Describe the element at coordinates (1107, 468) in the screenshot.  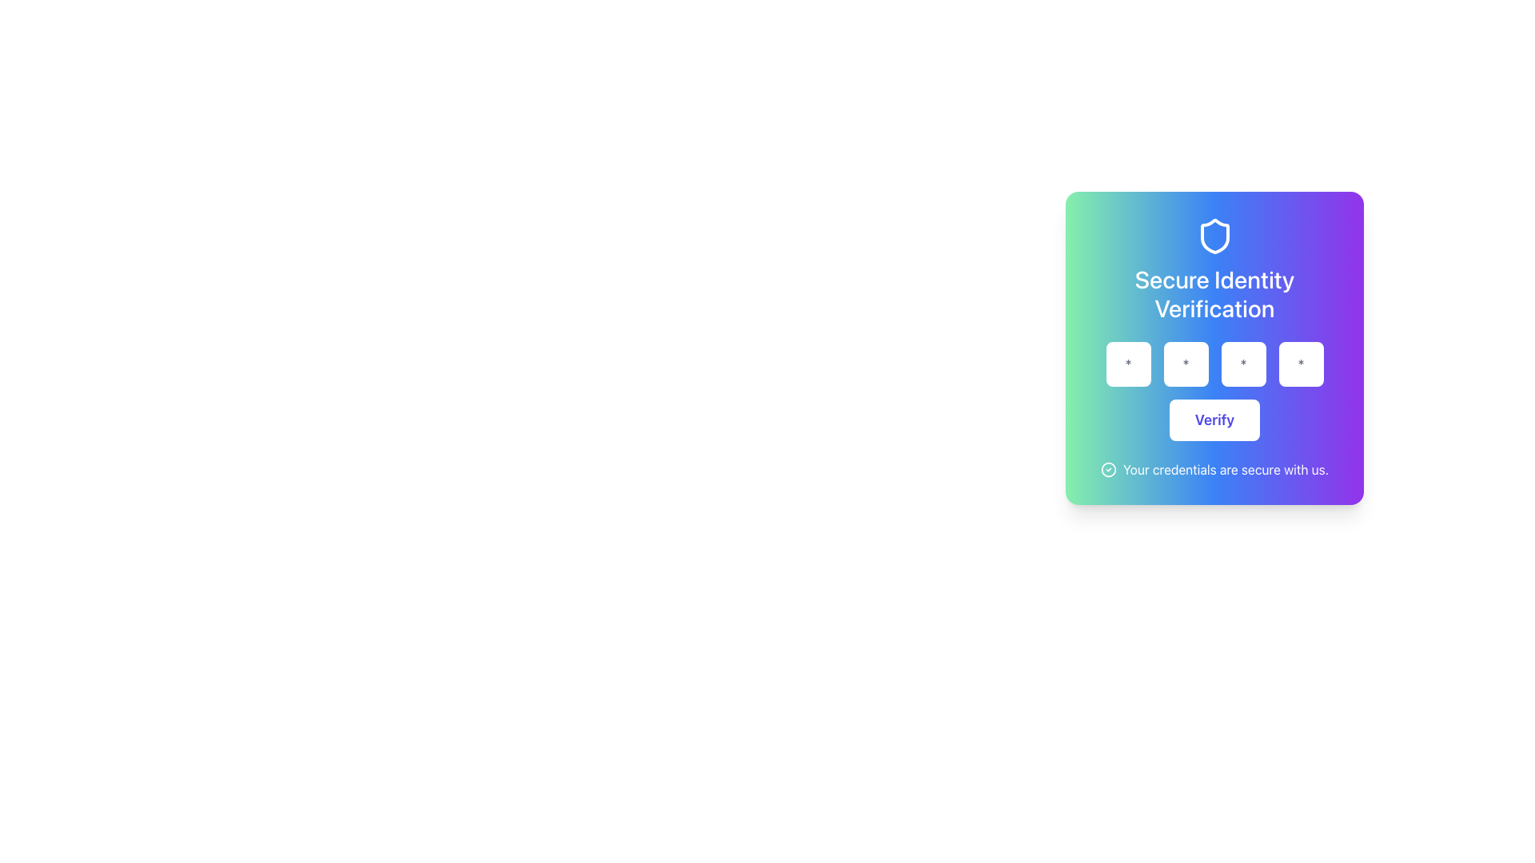
I see `the circle in the checkmark icon, which indicates successful completion, located in the bottom-left corner of the panel that contains the text 'Your credentials are secure with us.'` at that location.